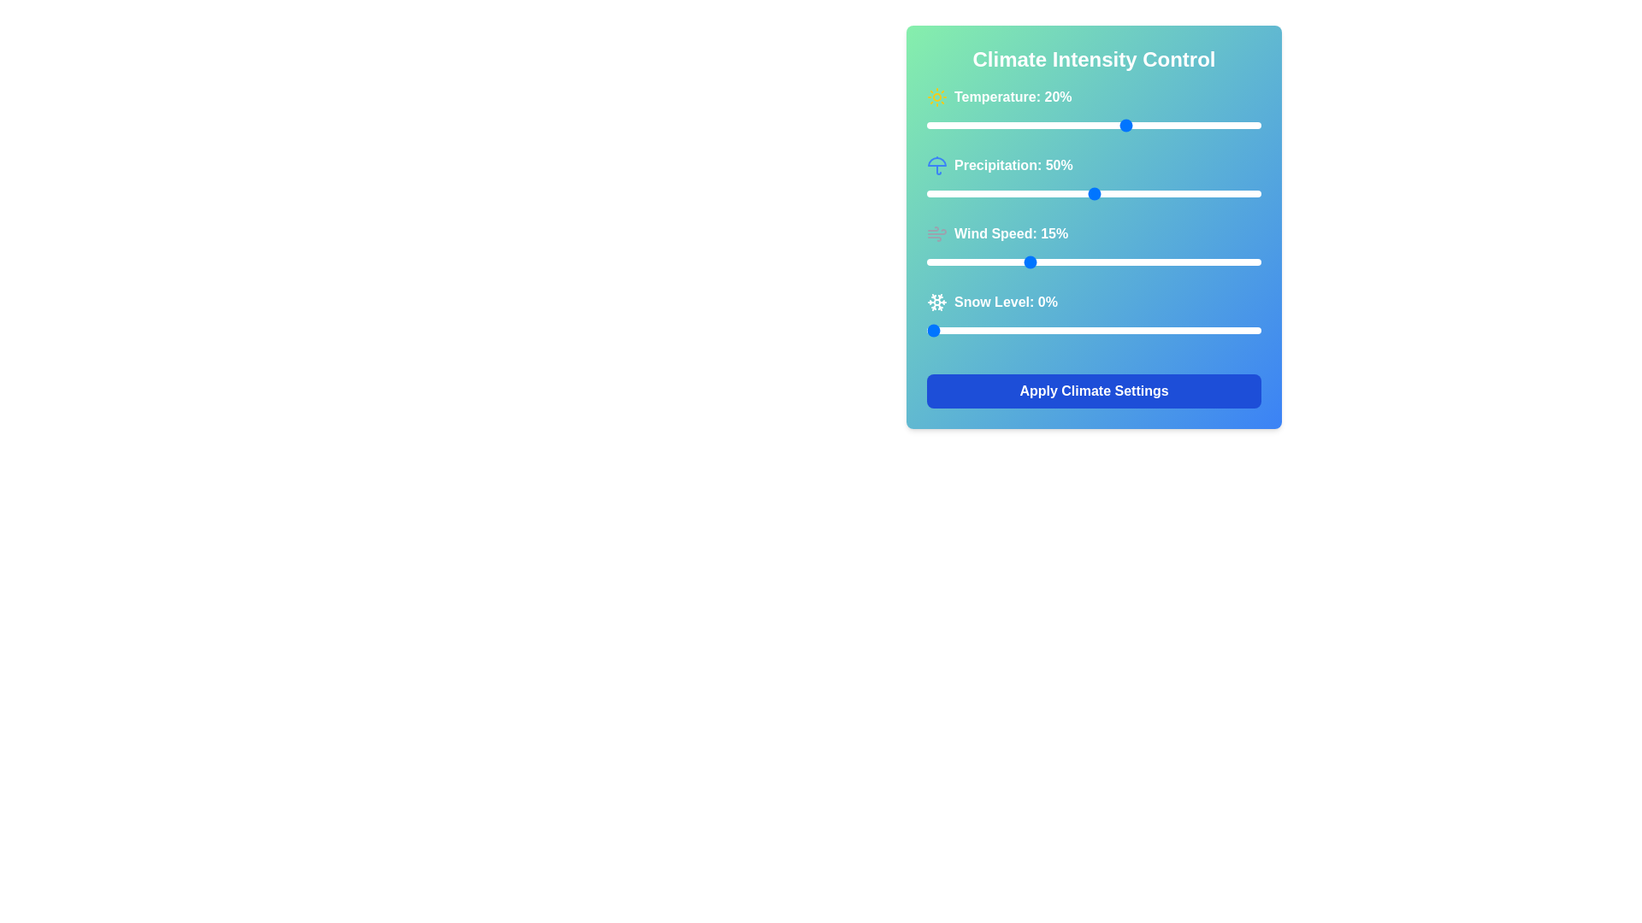  What do you see at coordinates (929, 193) in the screenshot?
I see `Precipitation` at bounding box center [929, 193].